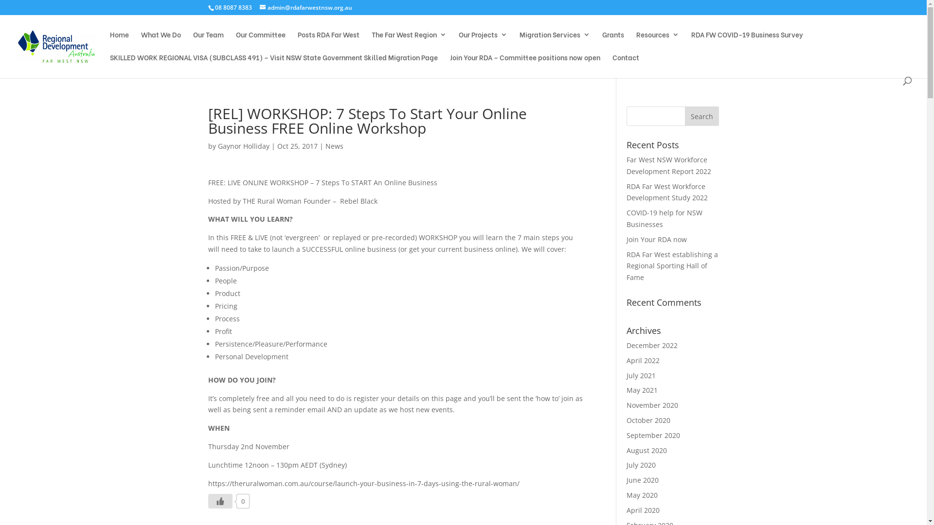 Image resolution: width=934 pixels, height=525 pixels. What do you see at coordinates (656, 239) in the screenshot?
I see `'Join Your RDA now'` at bounding box center [656, 239].